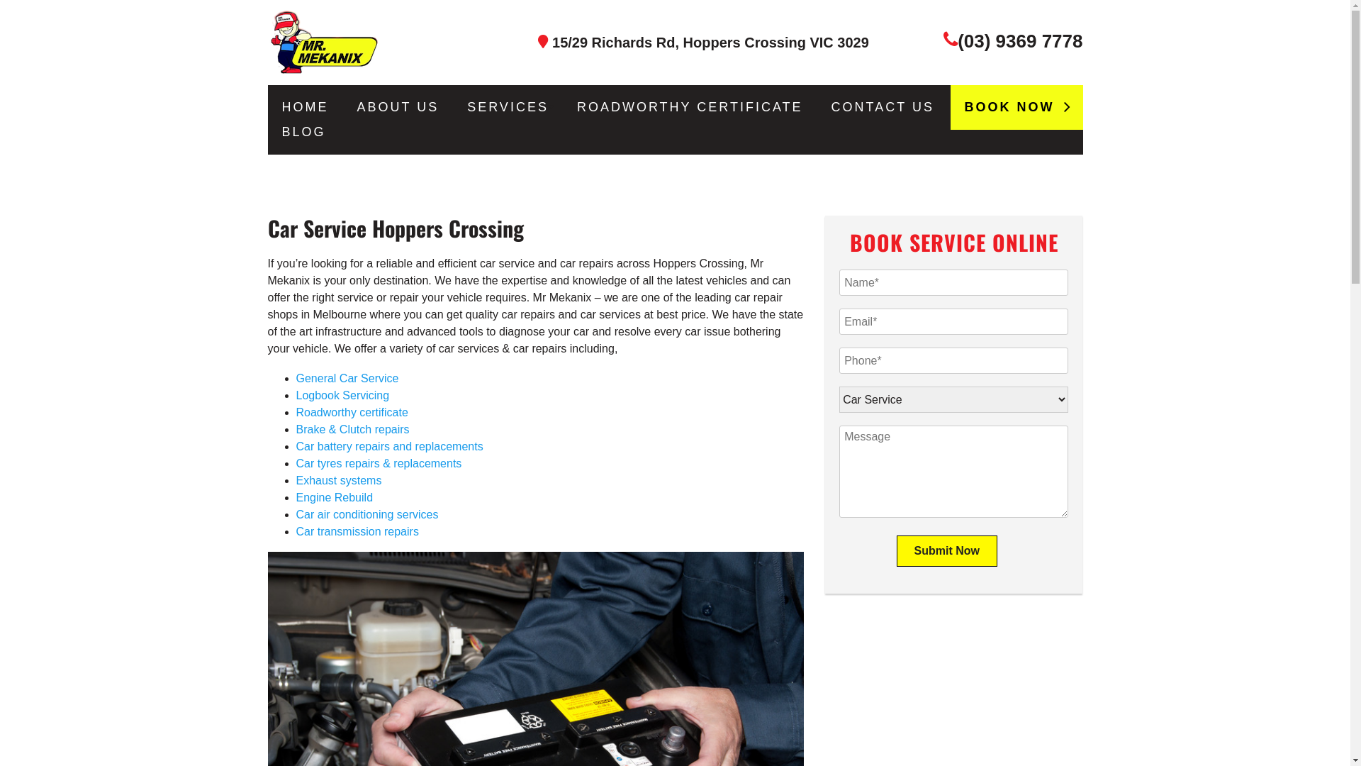 This screenshot has width=1361, height=766. I want to click on 'HOME', so click(305, 106).